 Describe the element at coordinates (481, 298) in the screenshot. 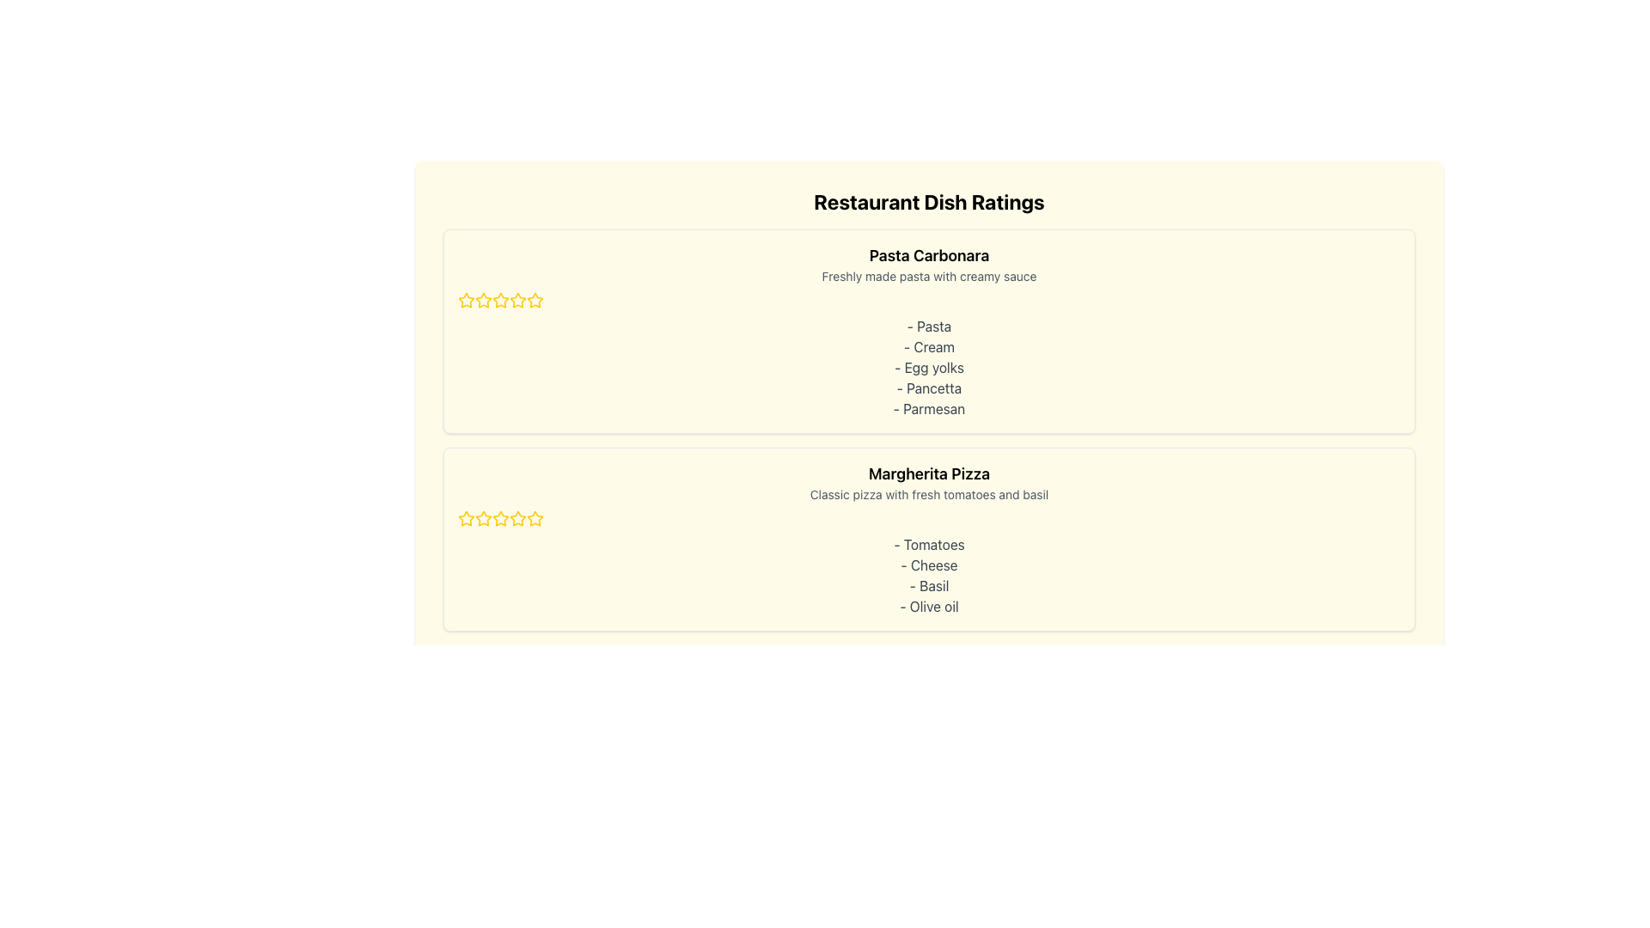

I see `the first star in the five-star rating component above the 'Pasta Carbonara' description to rate it` at that location.